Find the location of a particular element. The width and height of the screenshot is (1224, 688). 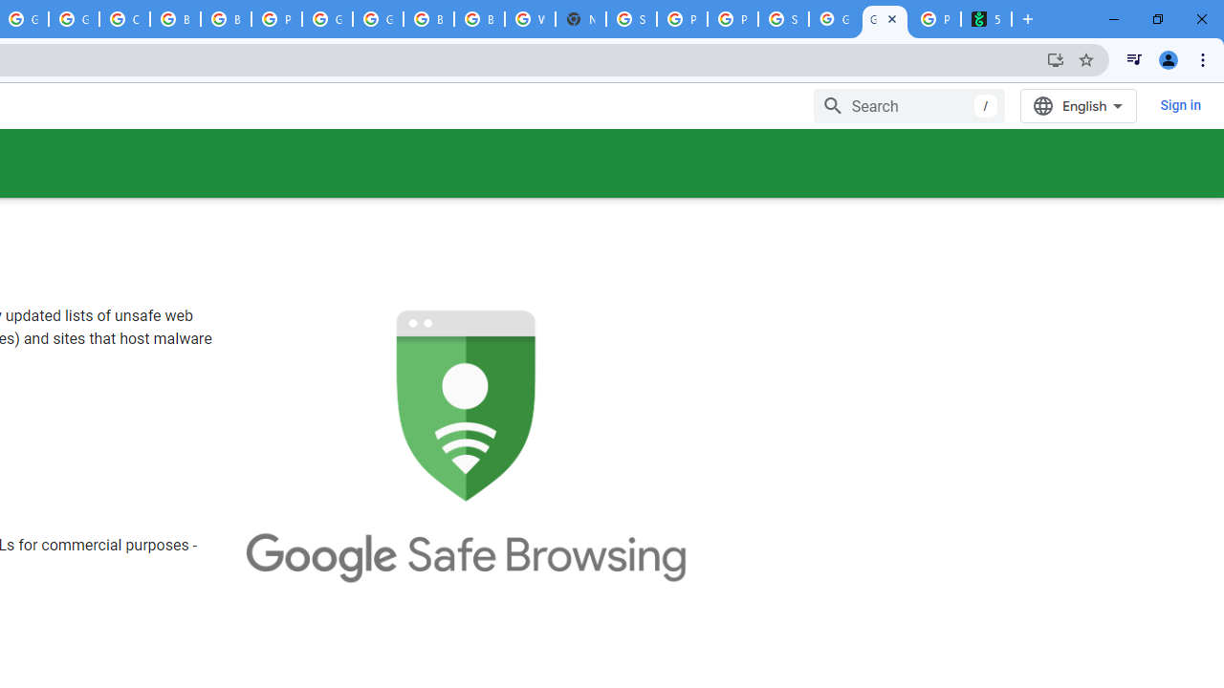

'English' is located at coordinates (1079, 105).